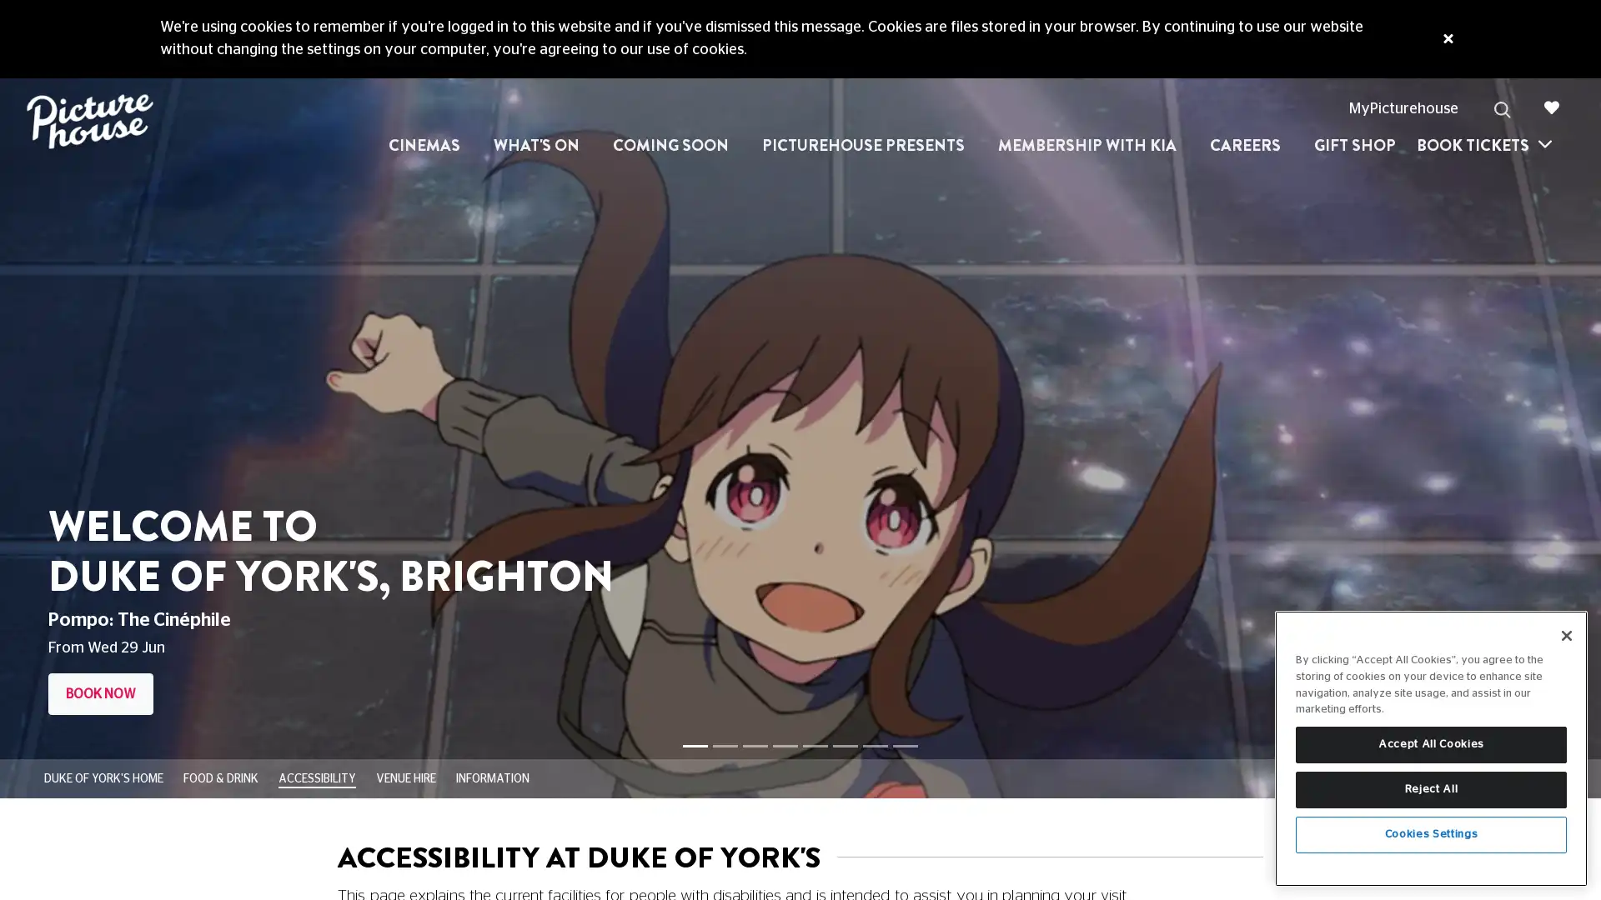  I want to click on Reject All, so click(1430, 789).